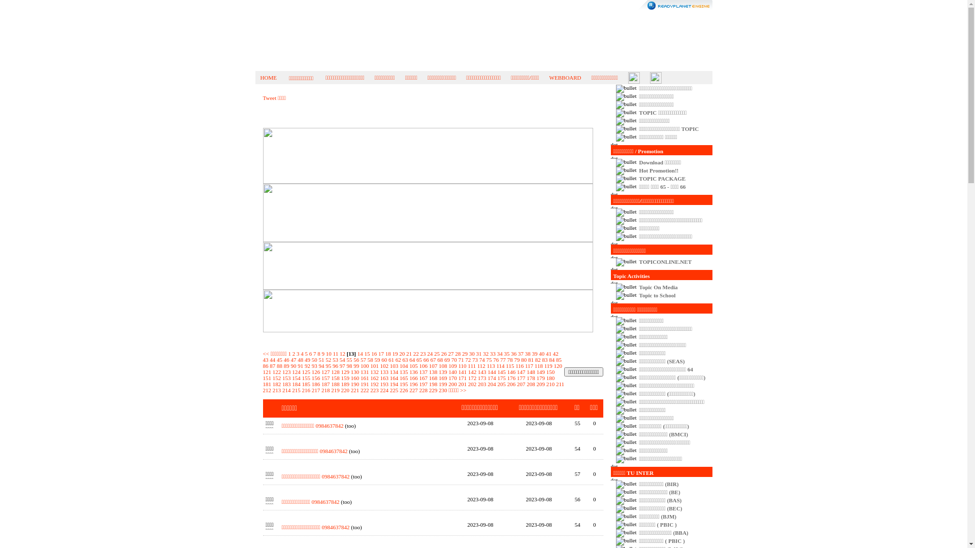 The image size is (975, 548). What do you see at coordinates (335, 384) in the screenshot?
I see `'188'` at bounding box center [335, 384].